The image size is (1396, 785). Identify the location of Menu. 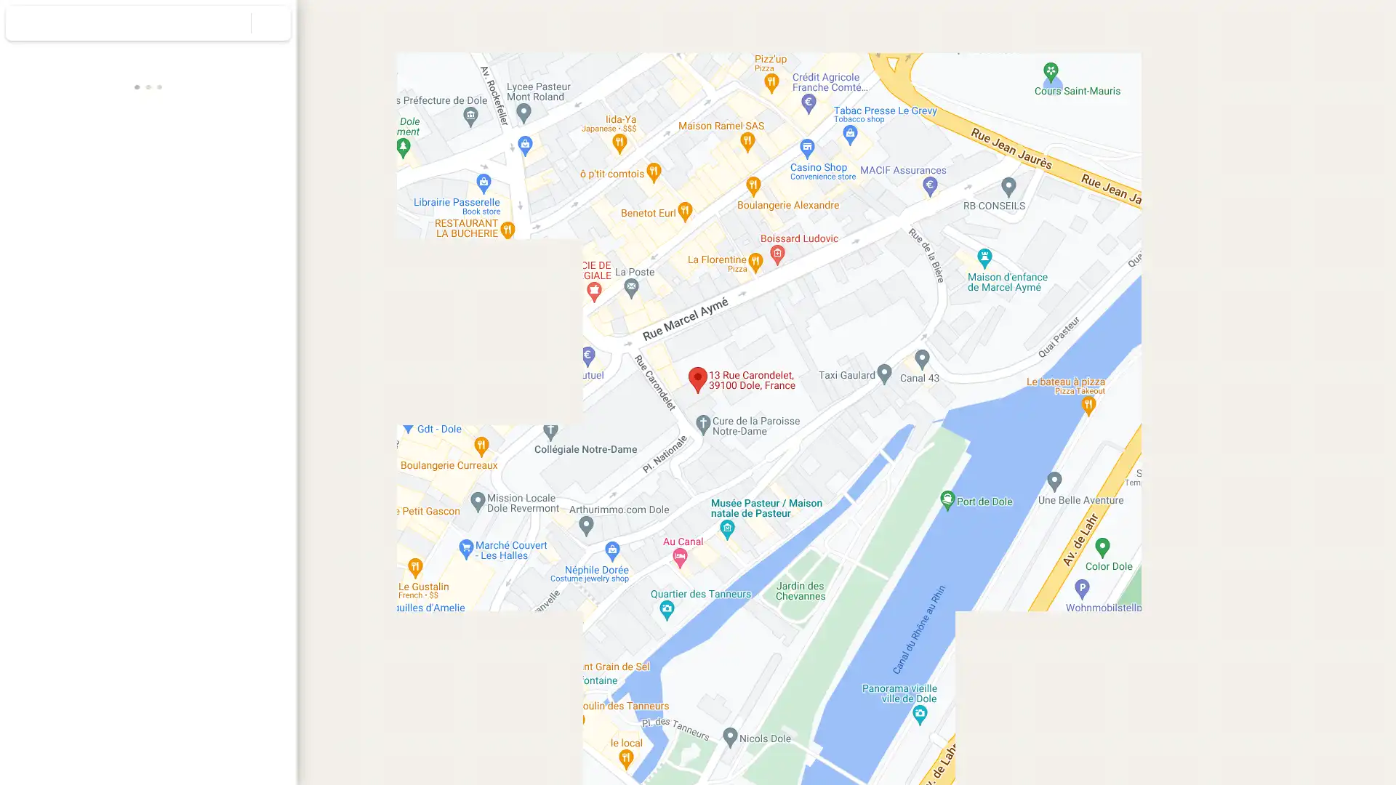
(25, 25).